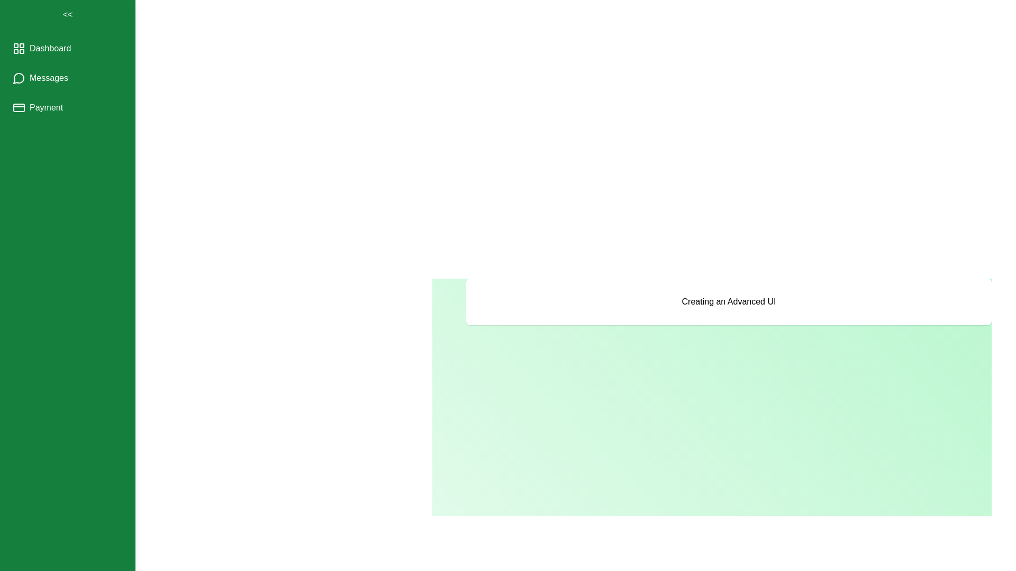 Image resolution: width=1016 pixels, height=571 pixels. What do you see at coordinates (19, 78) in the screenshot?
I see `the small circular speech bubble icon on the left sidebar, which is positioned below the 'Dashboard' icon and above the 'Payment' icon` at bounding box center [19, 78].